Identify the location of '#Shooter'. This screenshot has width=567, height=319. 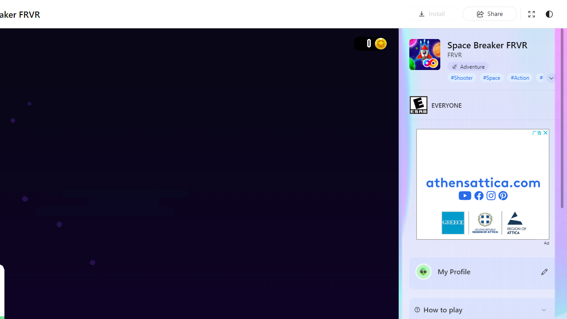
(461, 77).